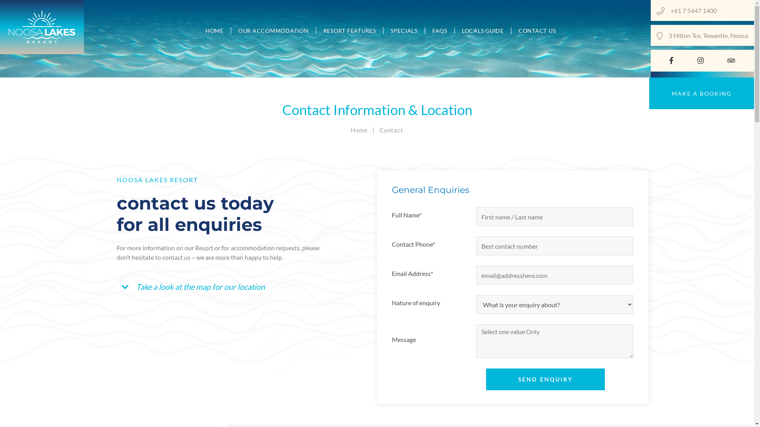  I want to click on 'OUR ACCOMMODATION', so click(274, 30).